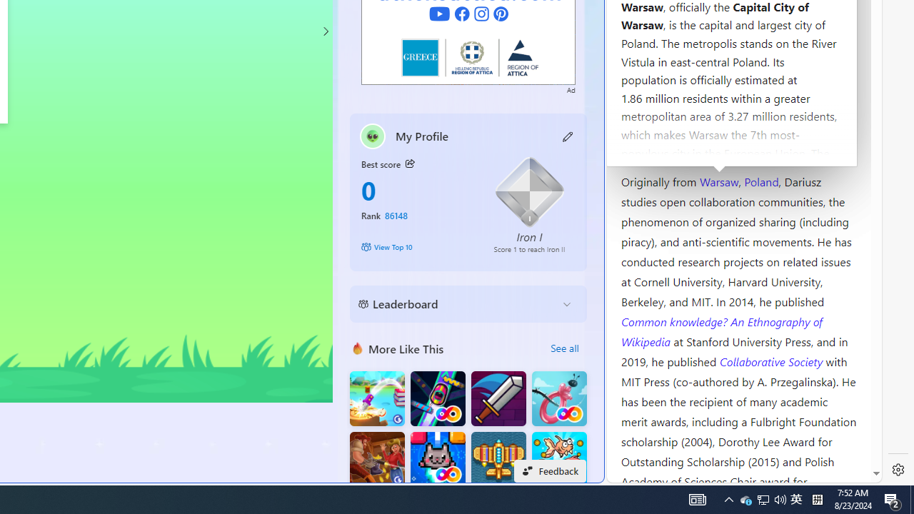 The height and width of the screenshot is (514, 914). Describe the element at coordinates (437, 459) in the screenshot. I see `'Kitten Force FRVR'` at that location.